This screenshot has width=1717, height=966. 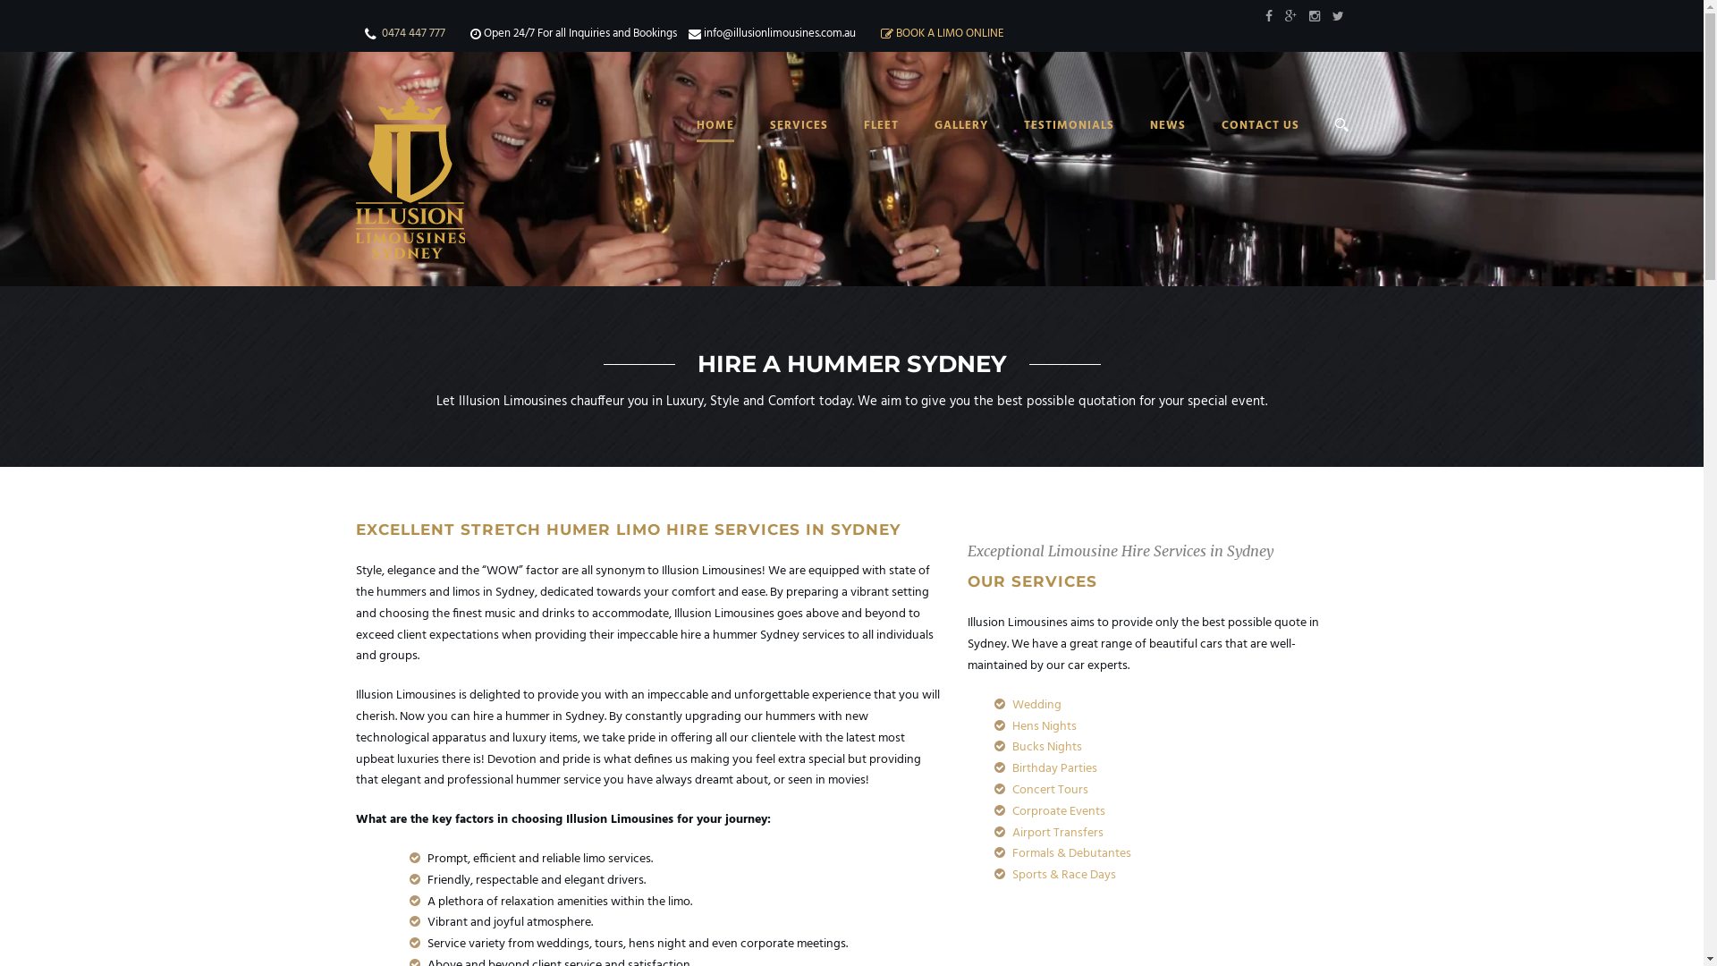 I want to click on '0474 447 777 ', so click(x=412, y=33).